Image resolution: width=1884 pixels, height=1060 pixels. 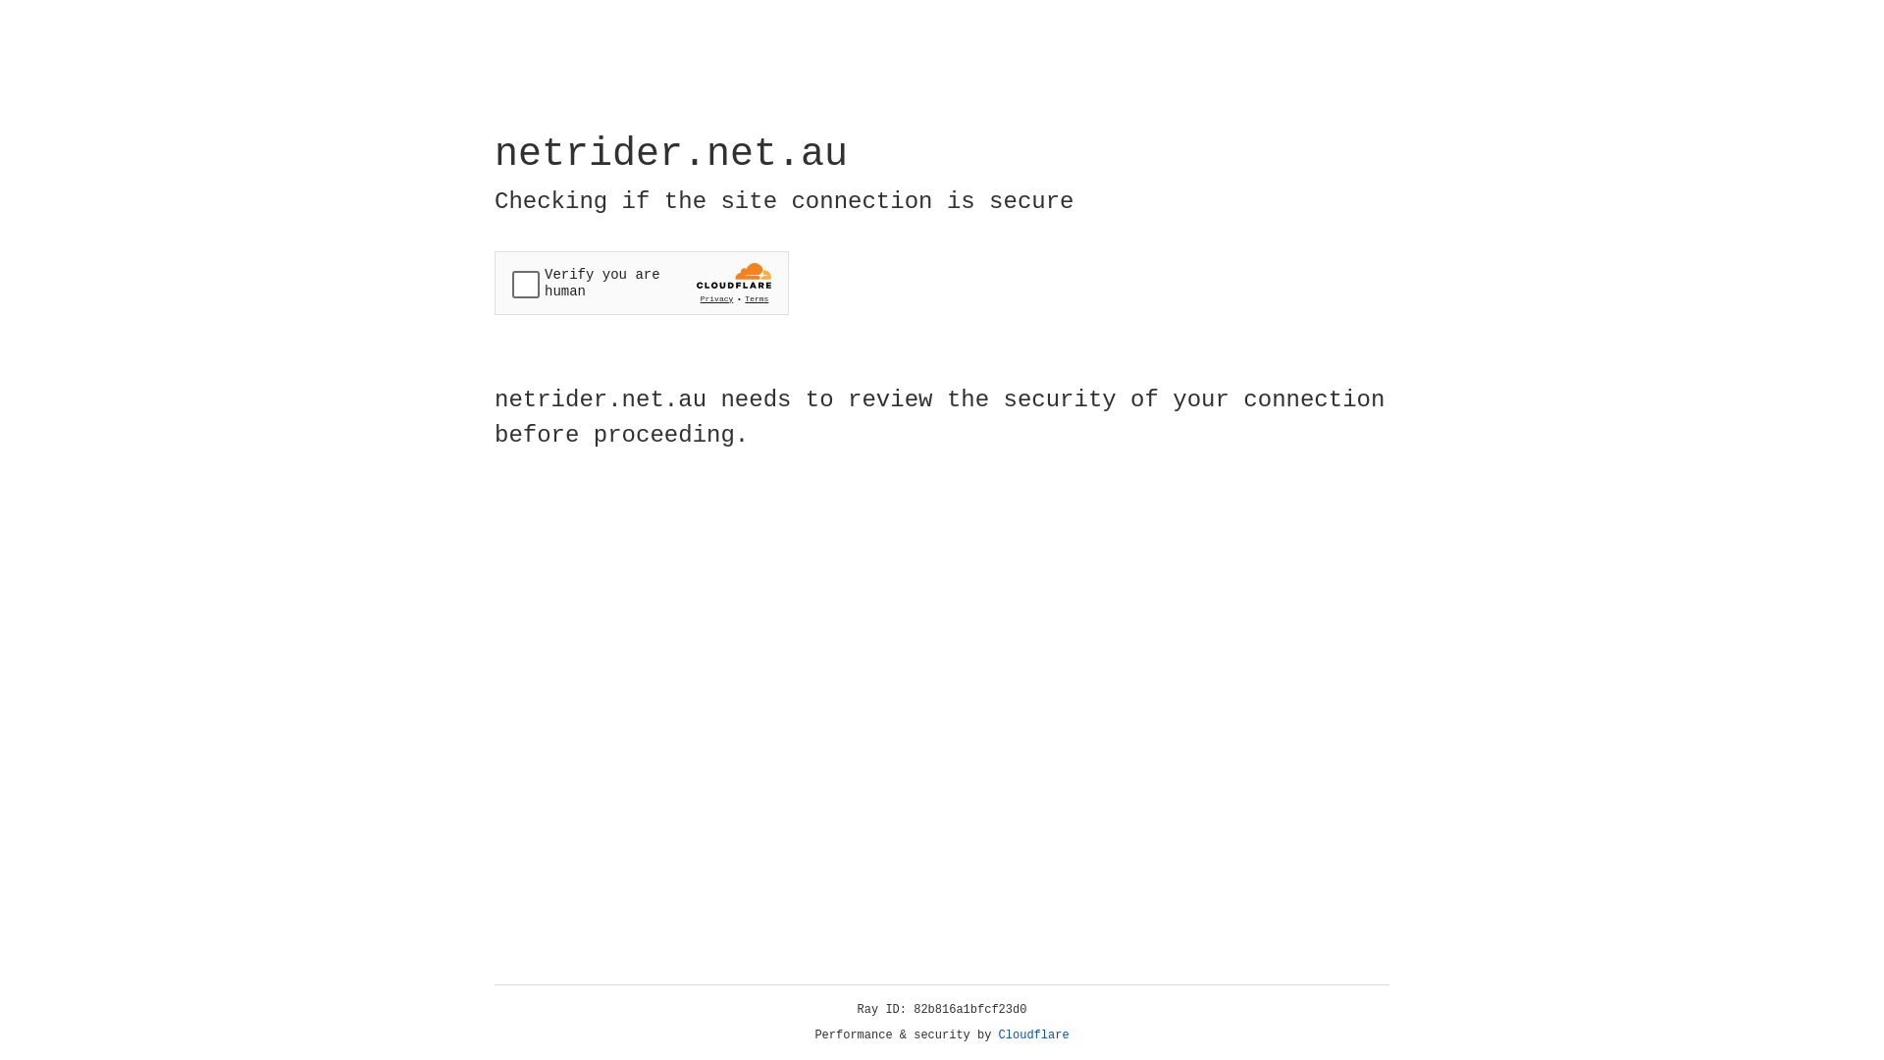 I want to click on 'Cloudflare', so click(x=1033, y=1034).